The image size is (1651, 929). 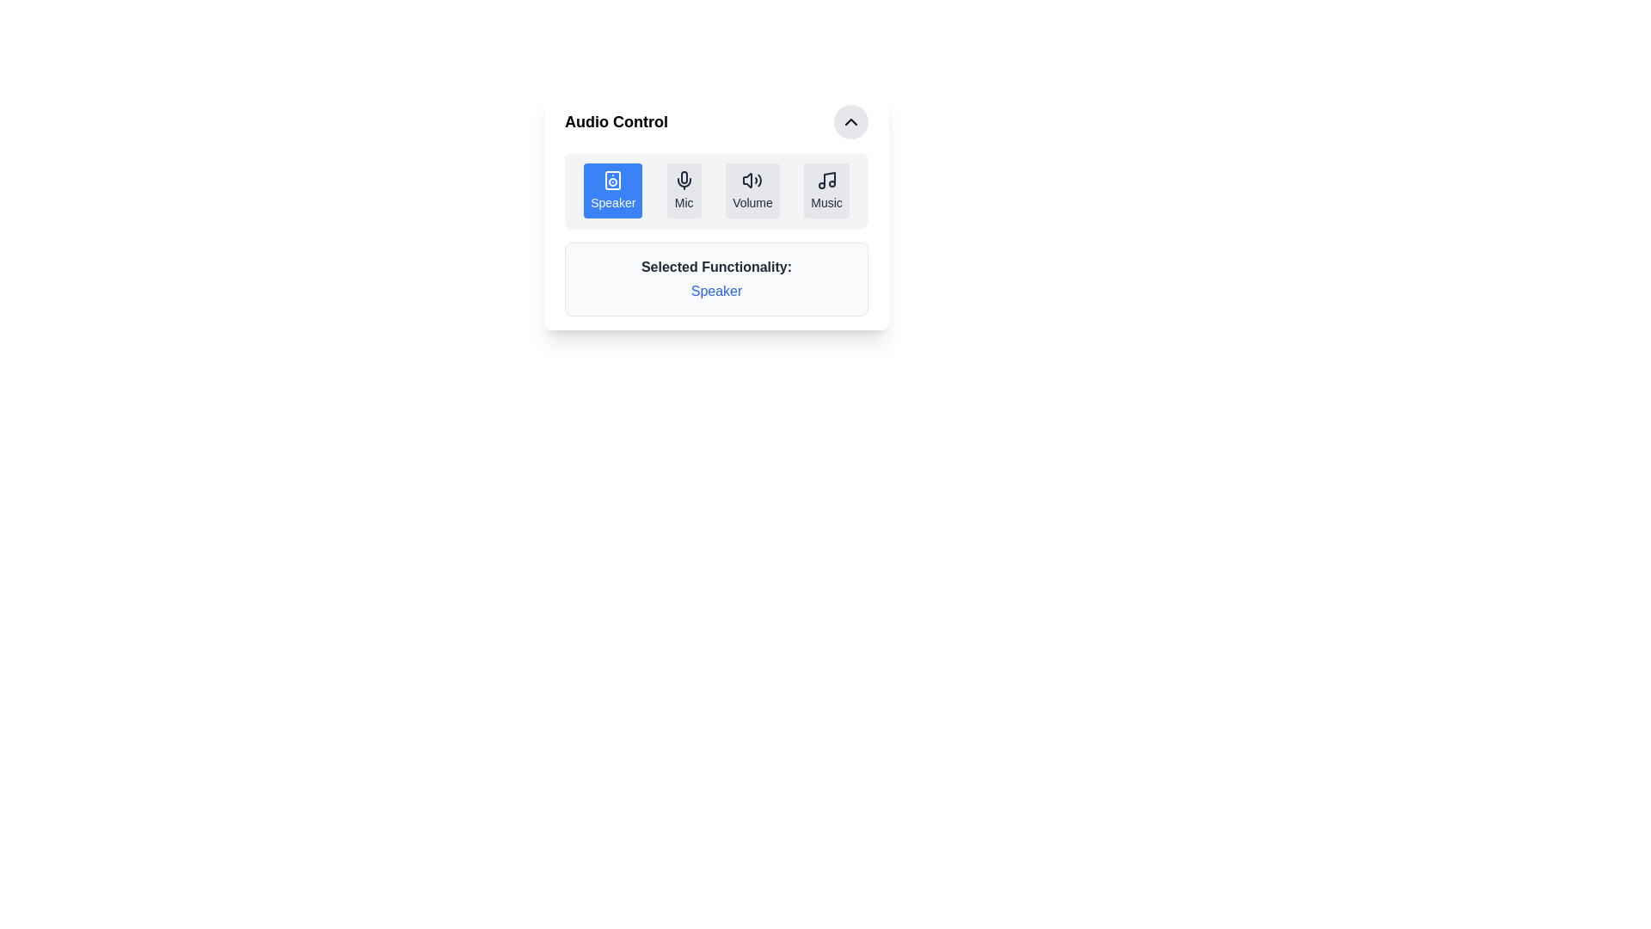 I want to click on the microphone control button, which is the second button from the left in the 'Audio Control' section, so click(x=683, y=191).